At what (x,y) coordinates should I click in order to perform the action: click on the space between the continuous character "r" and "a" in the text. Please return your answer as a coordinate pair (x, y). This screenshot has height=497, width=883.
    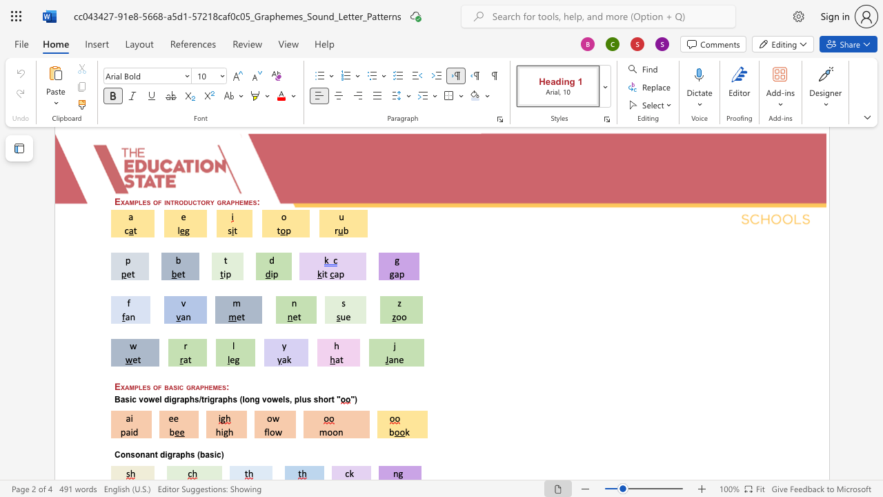
    Looking at the image, I should click on (195, 387).